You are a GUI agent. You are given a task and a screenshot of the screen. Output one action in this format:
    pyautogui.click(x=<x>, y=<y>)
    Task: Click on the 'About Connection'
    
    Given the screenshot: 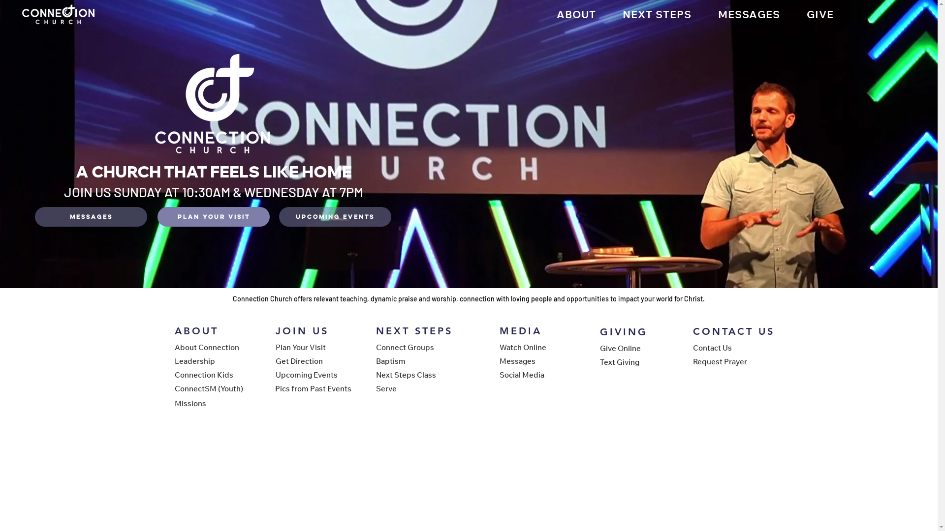 What is the action you would take?
    pyautogui.click(x=174, y=346)
    